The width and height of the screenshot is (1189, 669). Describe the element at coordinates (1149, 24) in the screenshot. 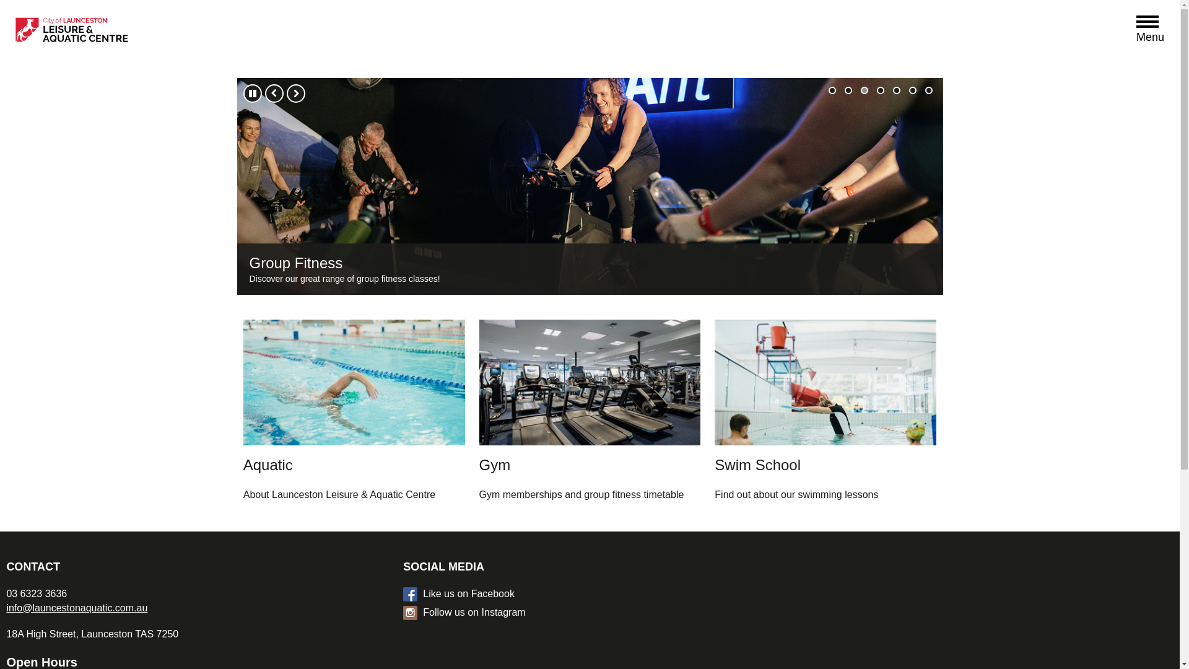

I see `'Open` at that location.